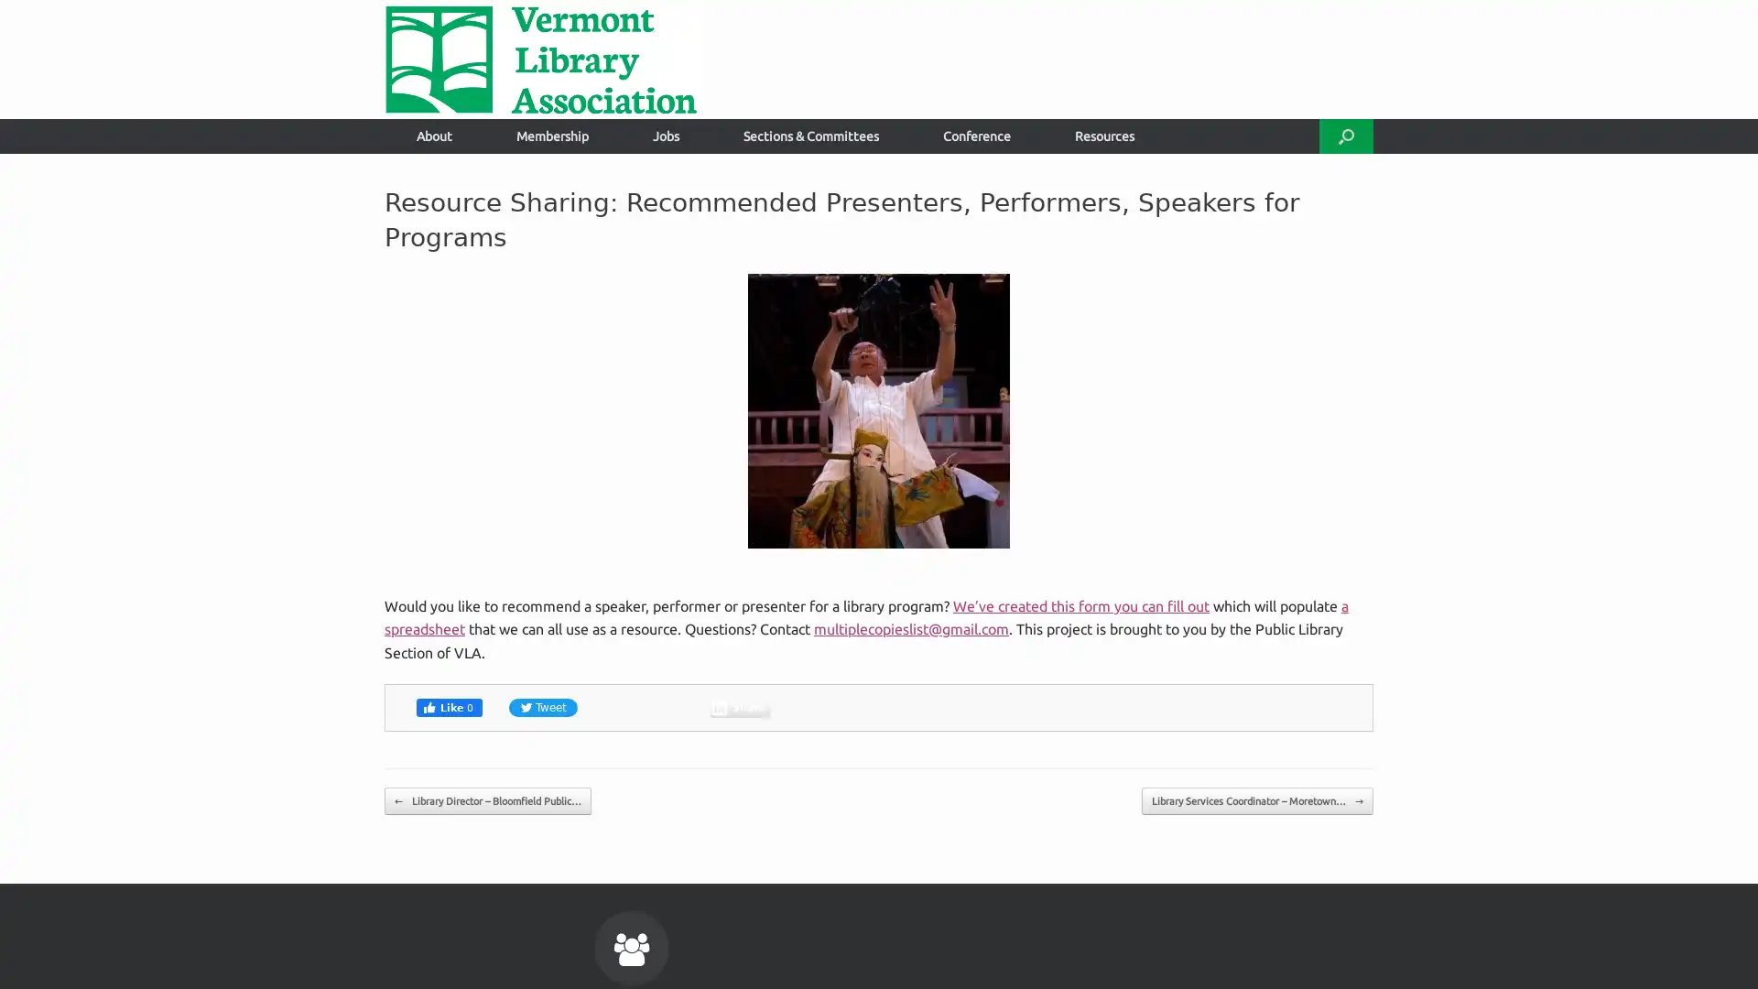  I want to click on Share, so click(740, 705).